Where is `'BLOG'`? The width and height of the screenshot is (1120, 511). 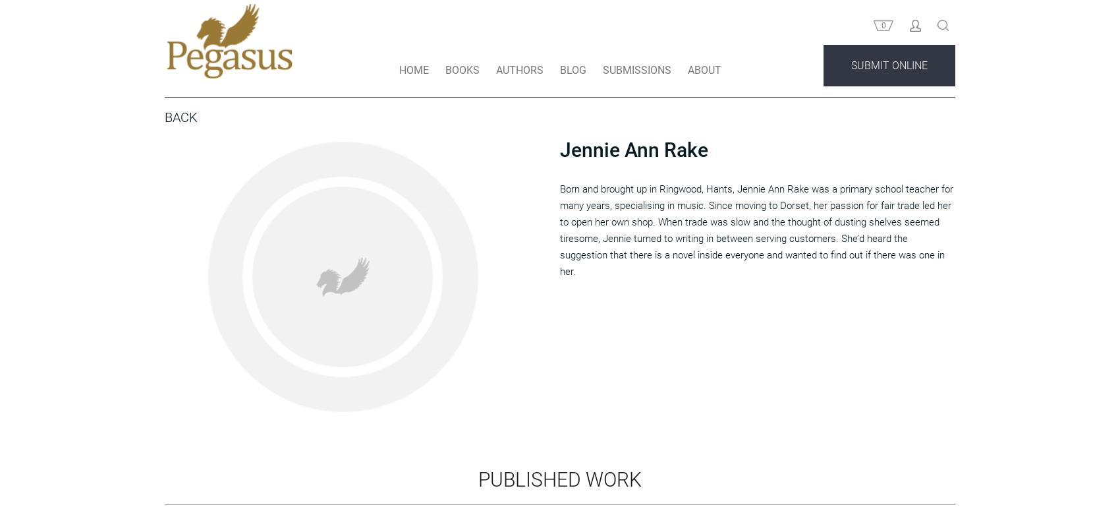
'BLOG' is located at coordinates (573, 94).